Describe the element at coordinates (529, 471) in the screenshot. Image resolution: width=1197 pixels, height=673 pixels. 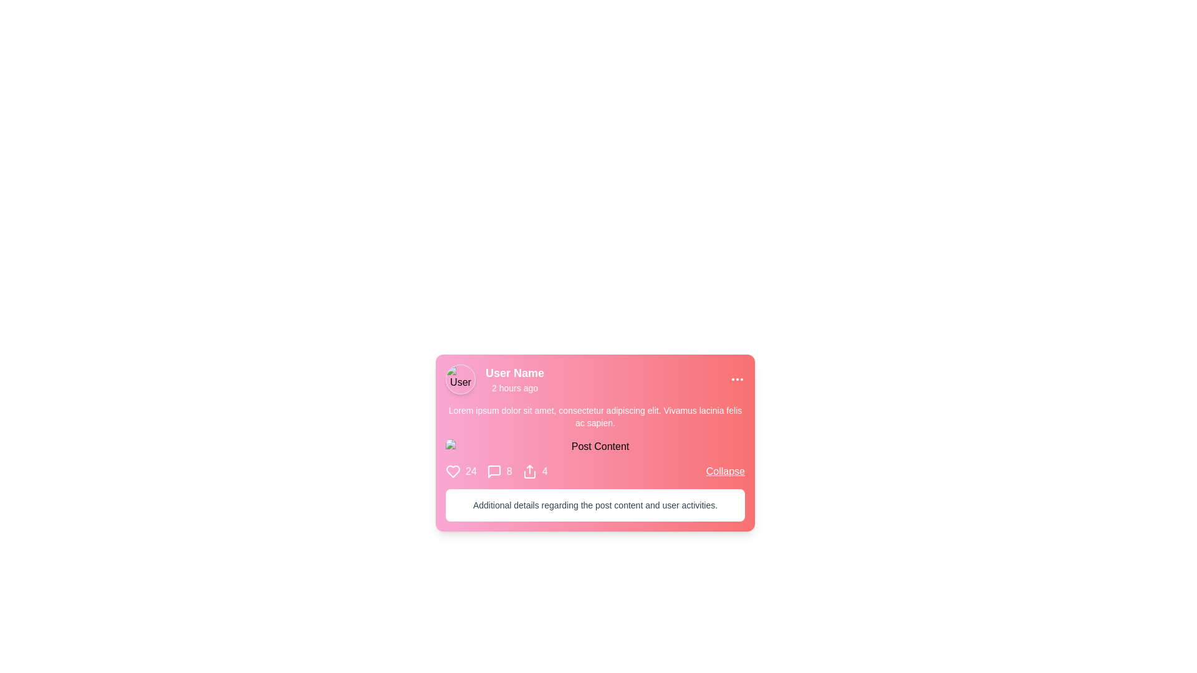
I see `the share button icon represented by an upward-pointing arrow in the lower center area of the post card` at that location.